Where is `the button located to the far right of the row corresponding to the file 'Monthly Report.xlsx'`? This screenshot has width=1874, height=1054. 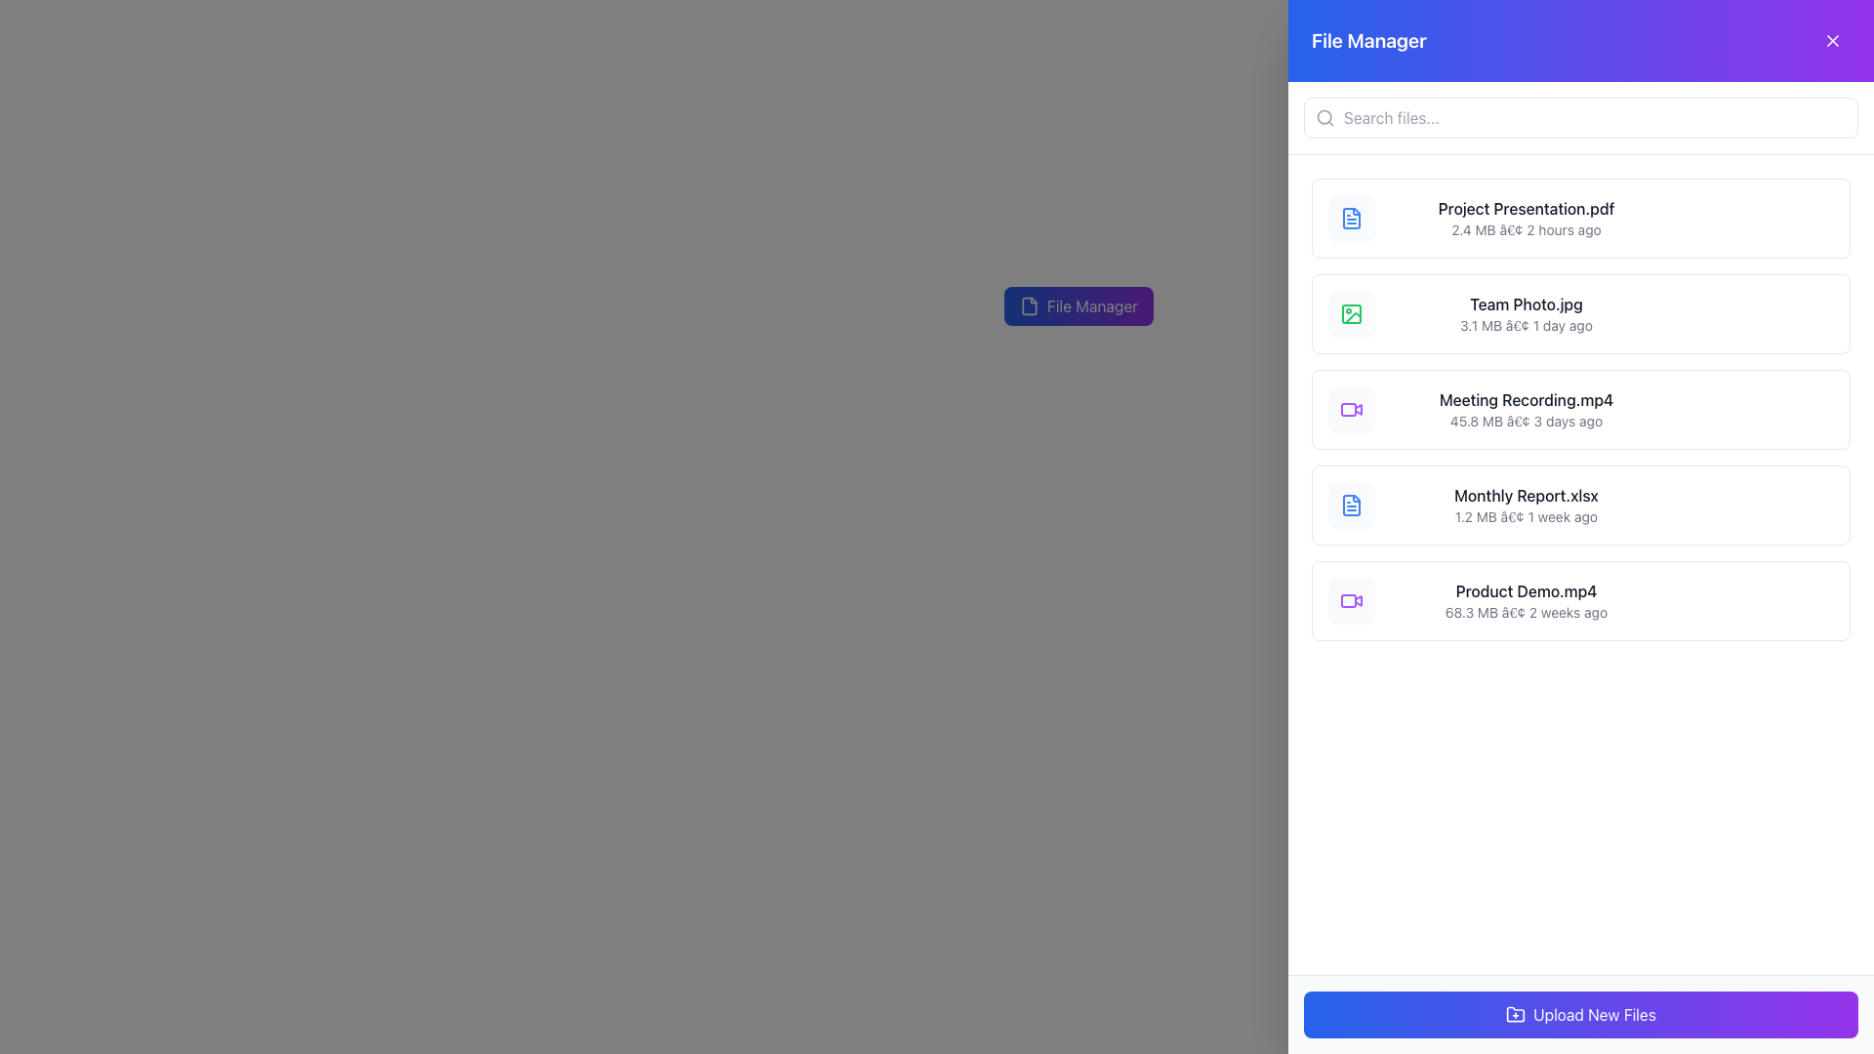
the button located to the far right of the row corresponding to the file 'Monthly Report.xlsx' is located at coordinates (1816, 504).